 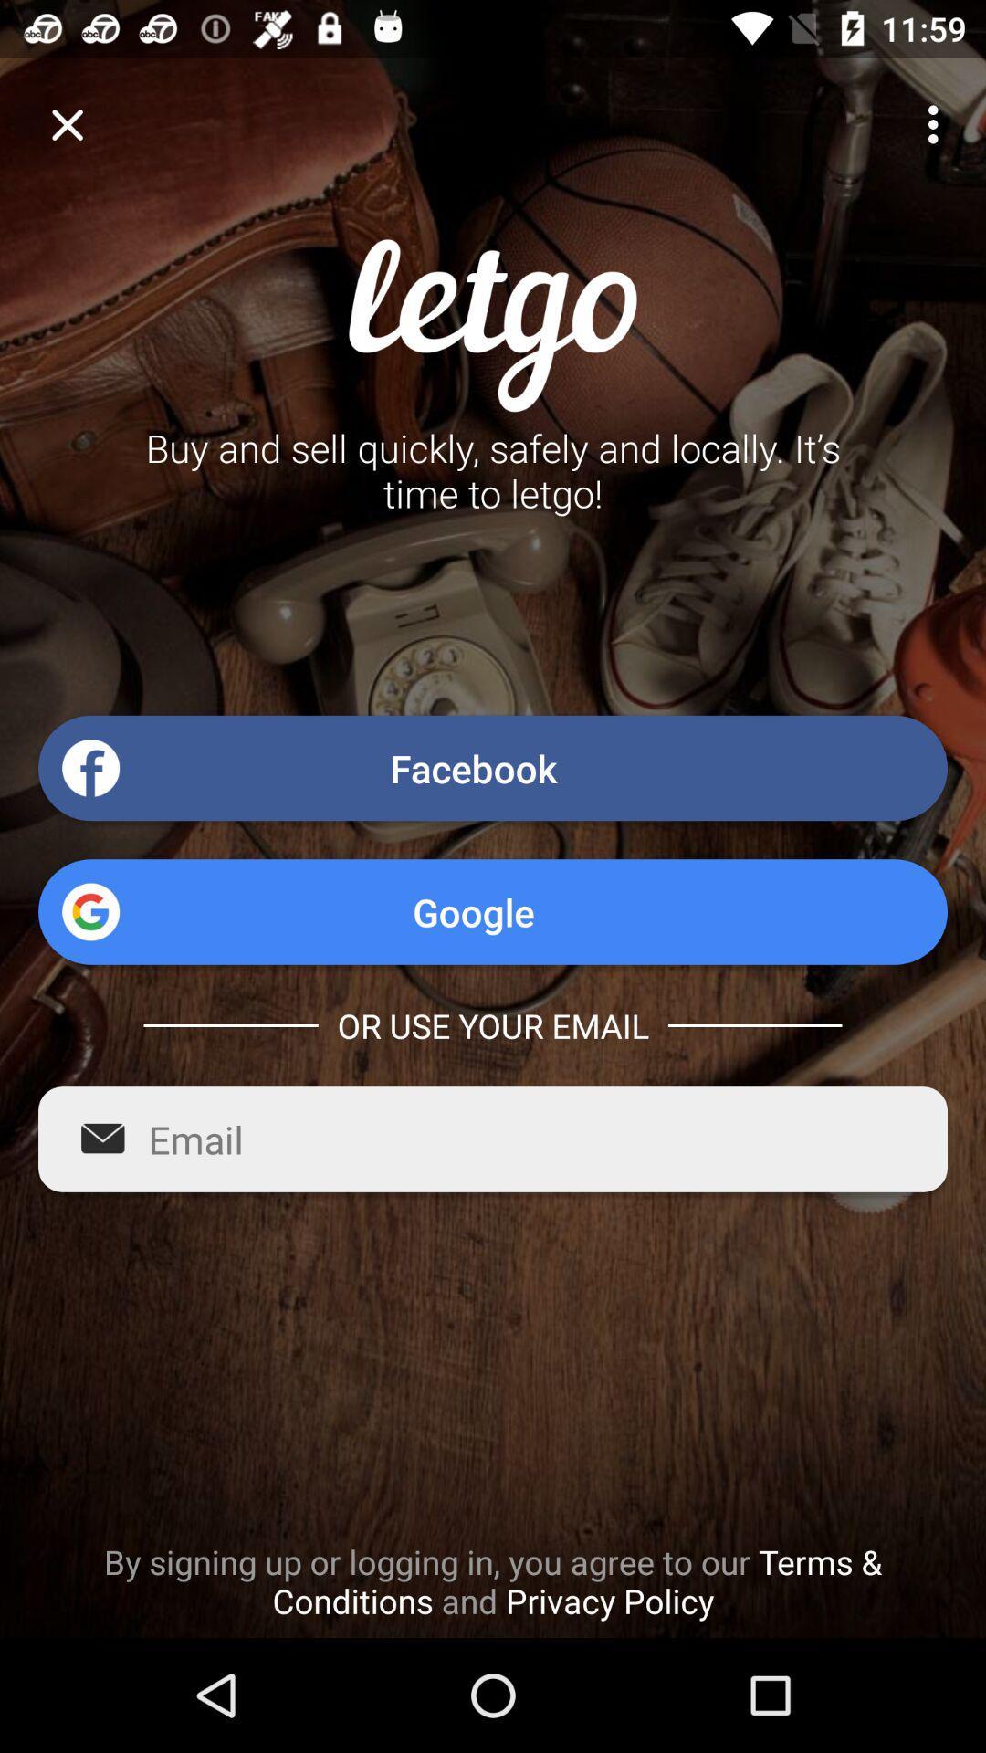 I want to click on the icon above the buy and sell, so click(x=66, y=123).